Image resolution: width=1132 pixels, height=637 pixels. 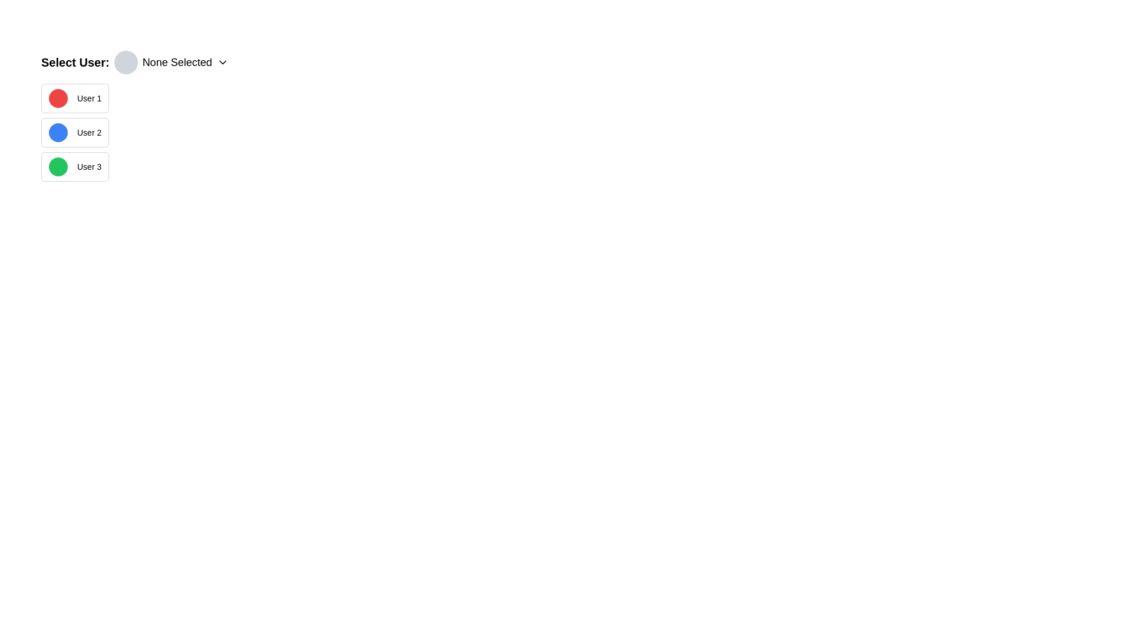 I want to click on the green circle indicator located to the left of the text label 'User 3', which is the third element in the vertical list of similar indicators, so click(x=58, y=166).